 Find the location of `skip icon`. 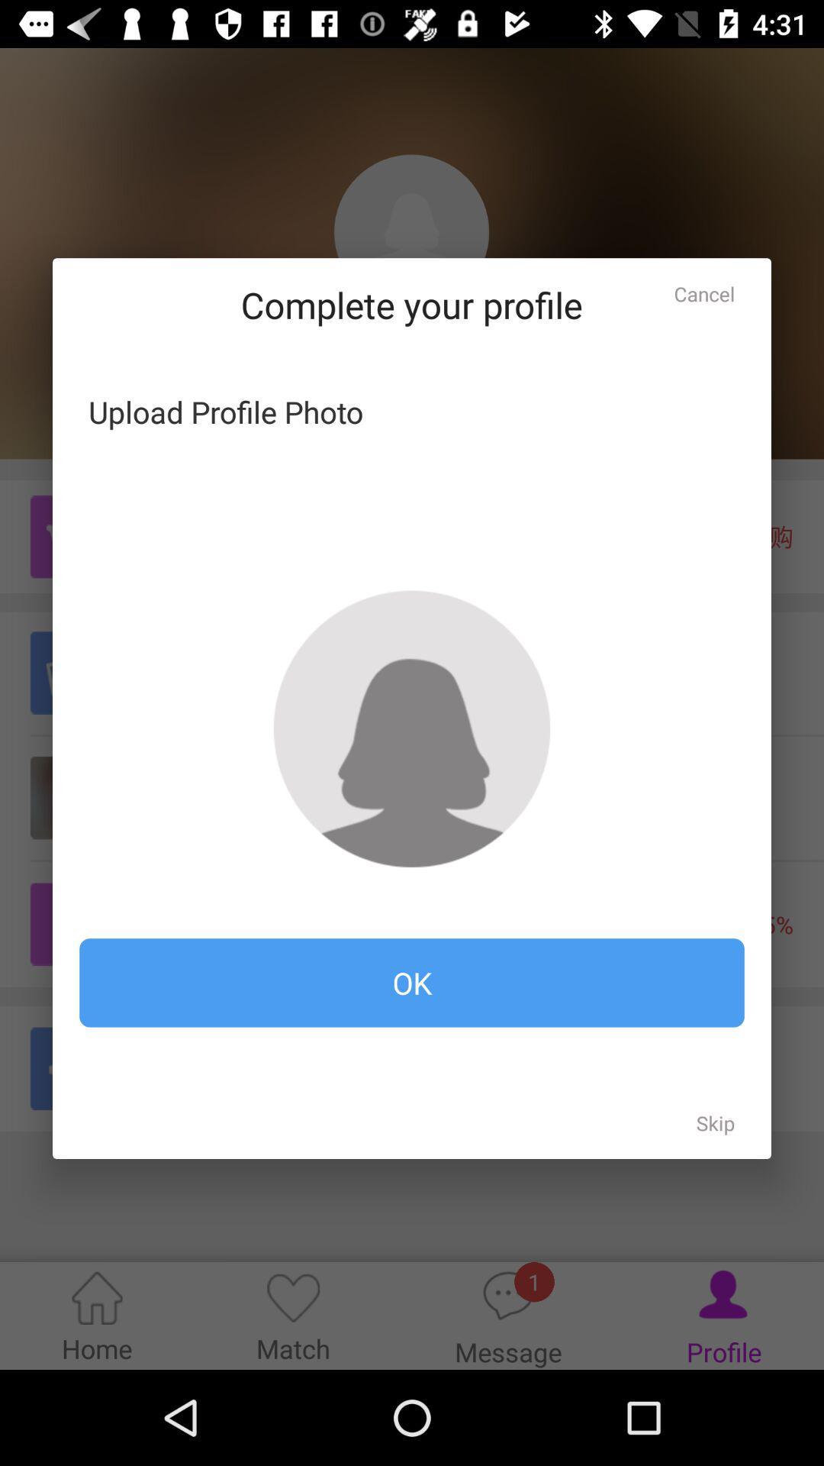

skip icon is located at coordinates (716, 1123).